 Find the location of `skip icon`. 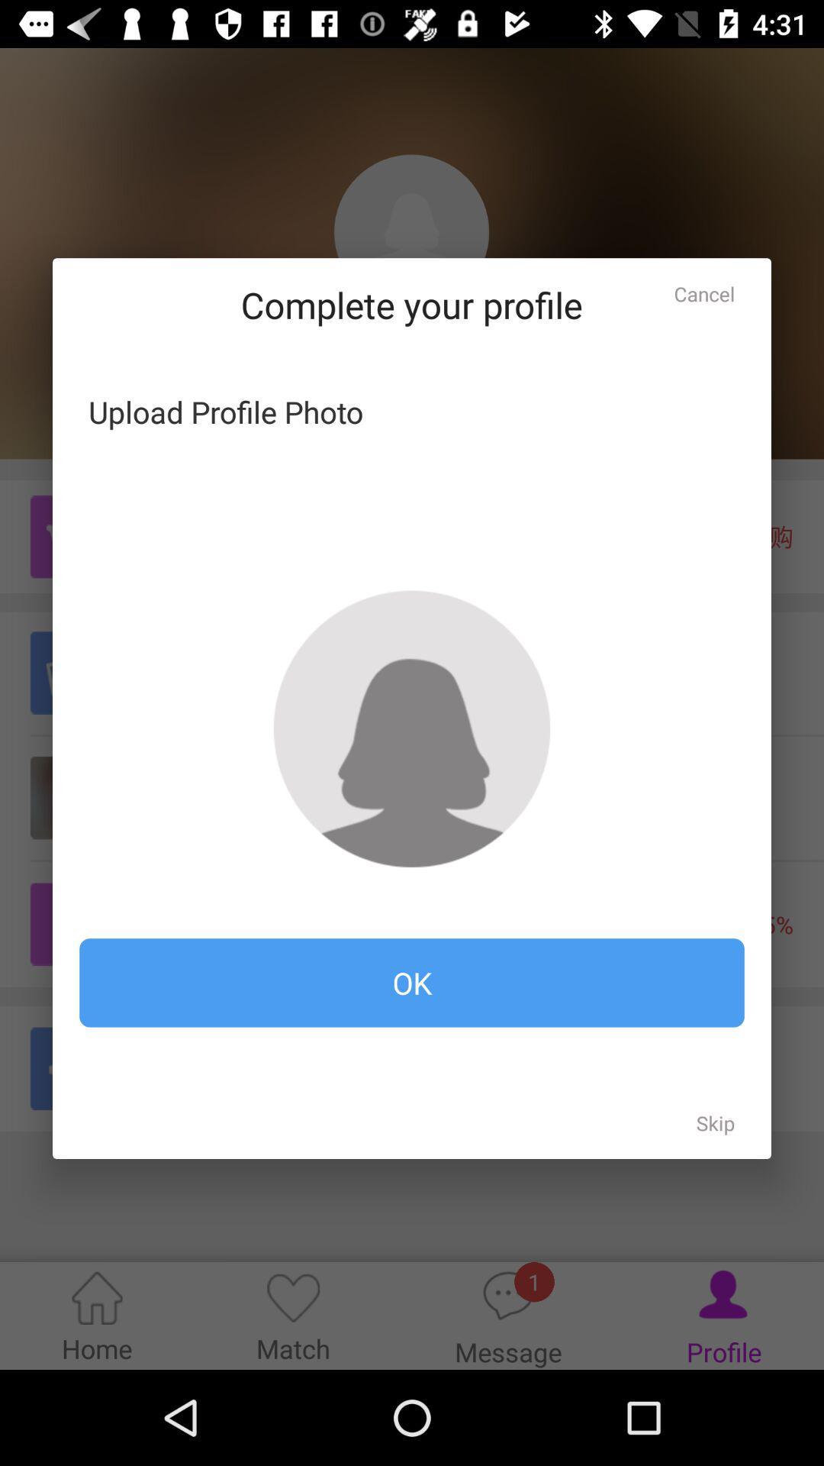

skip icon is located at coordinates (716, 1123).